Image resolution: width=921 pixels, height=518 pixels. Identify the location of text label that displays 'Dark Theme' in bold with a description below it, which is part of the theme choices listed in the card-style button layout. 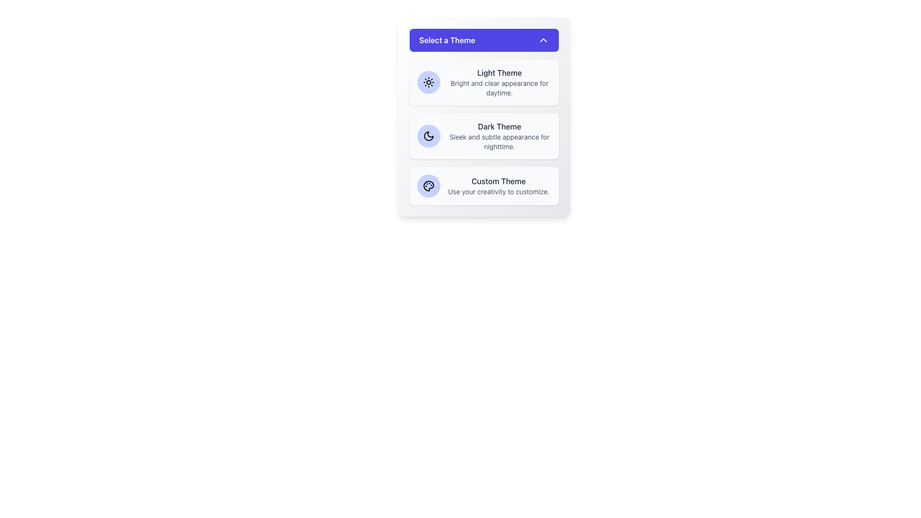
(499, 136).